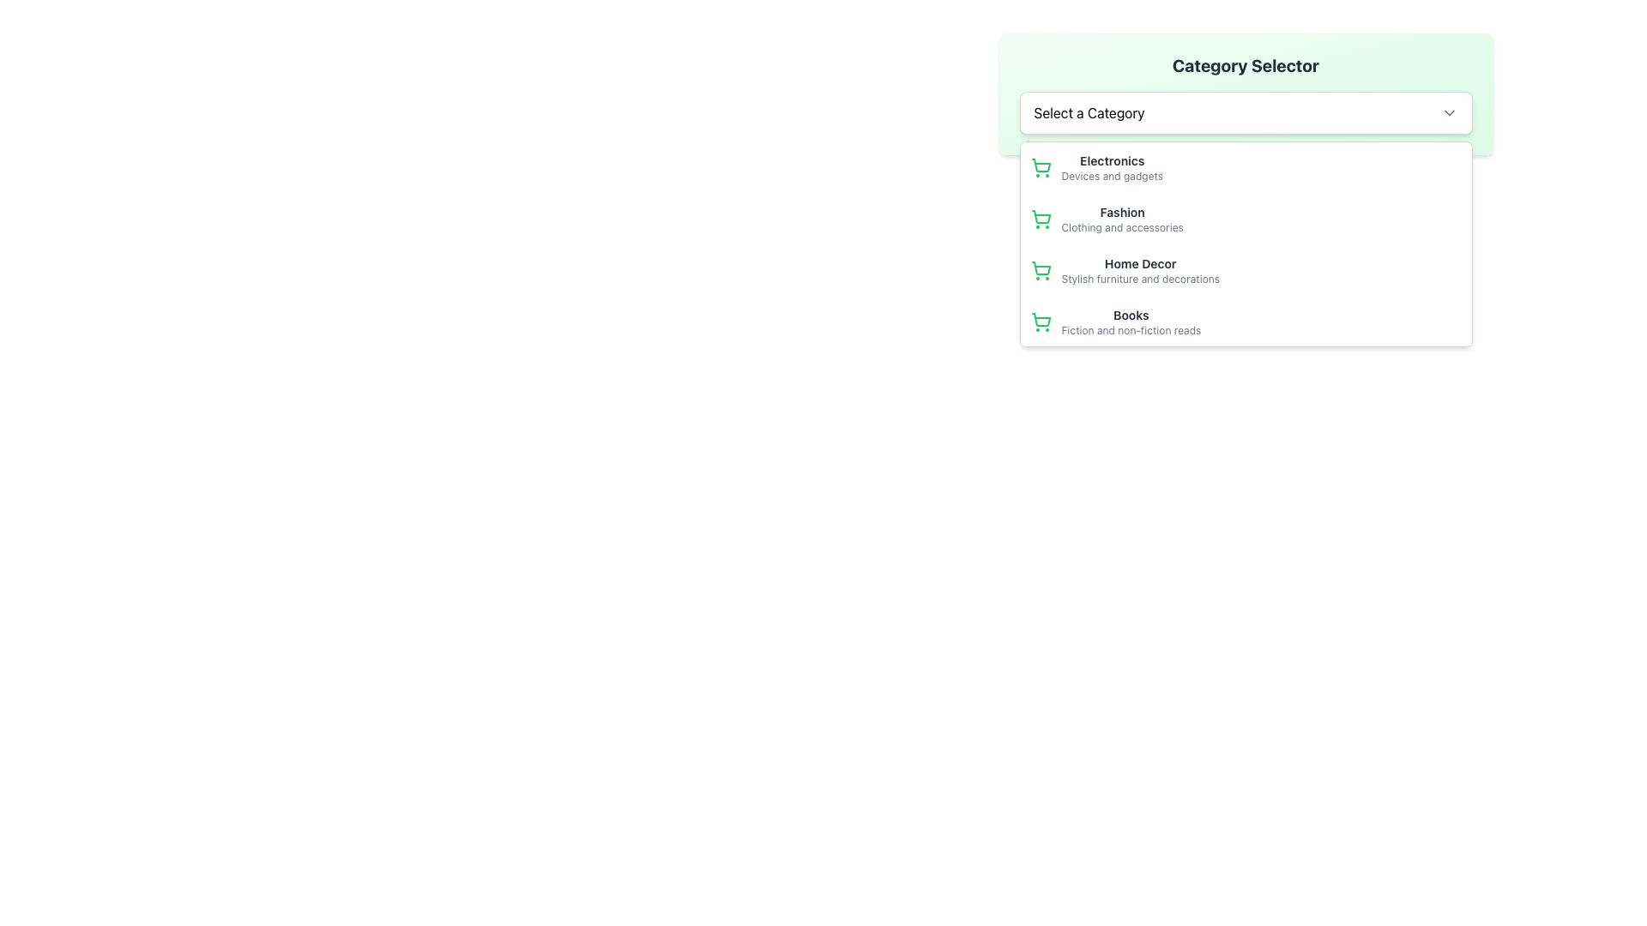 The height and width of the screenshot is (926, 1647). What do you see at coordinates (1448, 112) in the screenshot?
I see `the category selector icon located immediately to the right of the label 'Select a Category'` at bounding box center [1448, 112].